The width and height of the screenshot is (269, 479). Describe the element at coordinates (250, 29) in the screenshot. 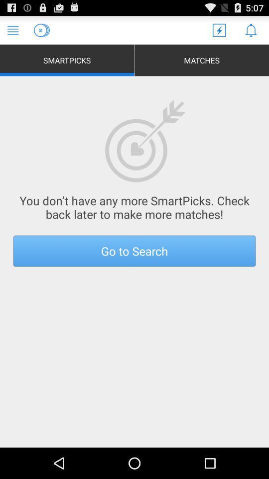

I see `notifications` at that location.